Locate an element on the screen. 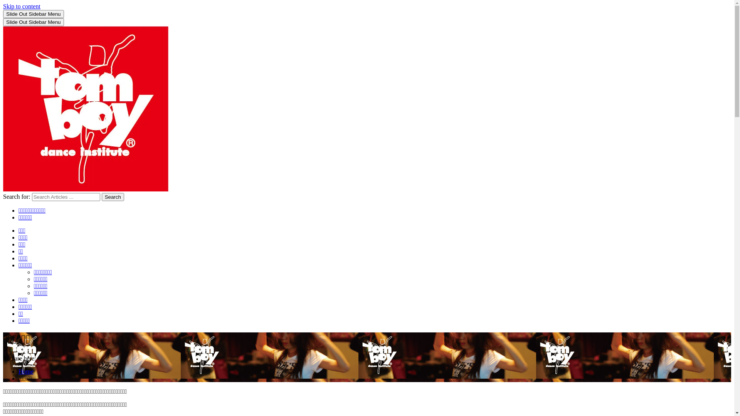 The width and height of the screenshot is (740, 416). 'Slide Out Sidebar Menu' is located at coordinates (33, 14).